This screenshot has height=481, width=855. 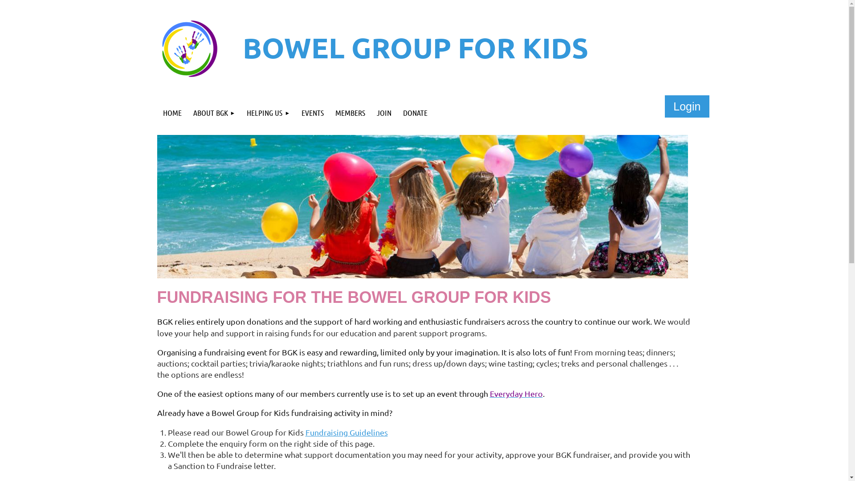 What do you see at coordinates (384, 112) in the screenshot?
I see `'JOIN'` at bounding box center [384, 112].